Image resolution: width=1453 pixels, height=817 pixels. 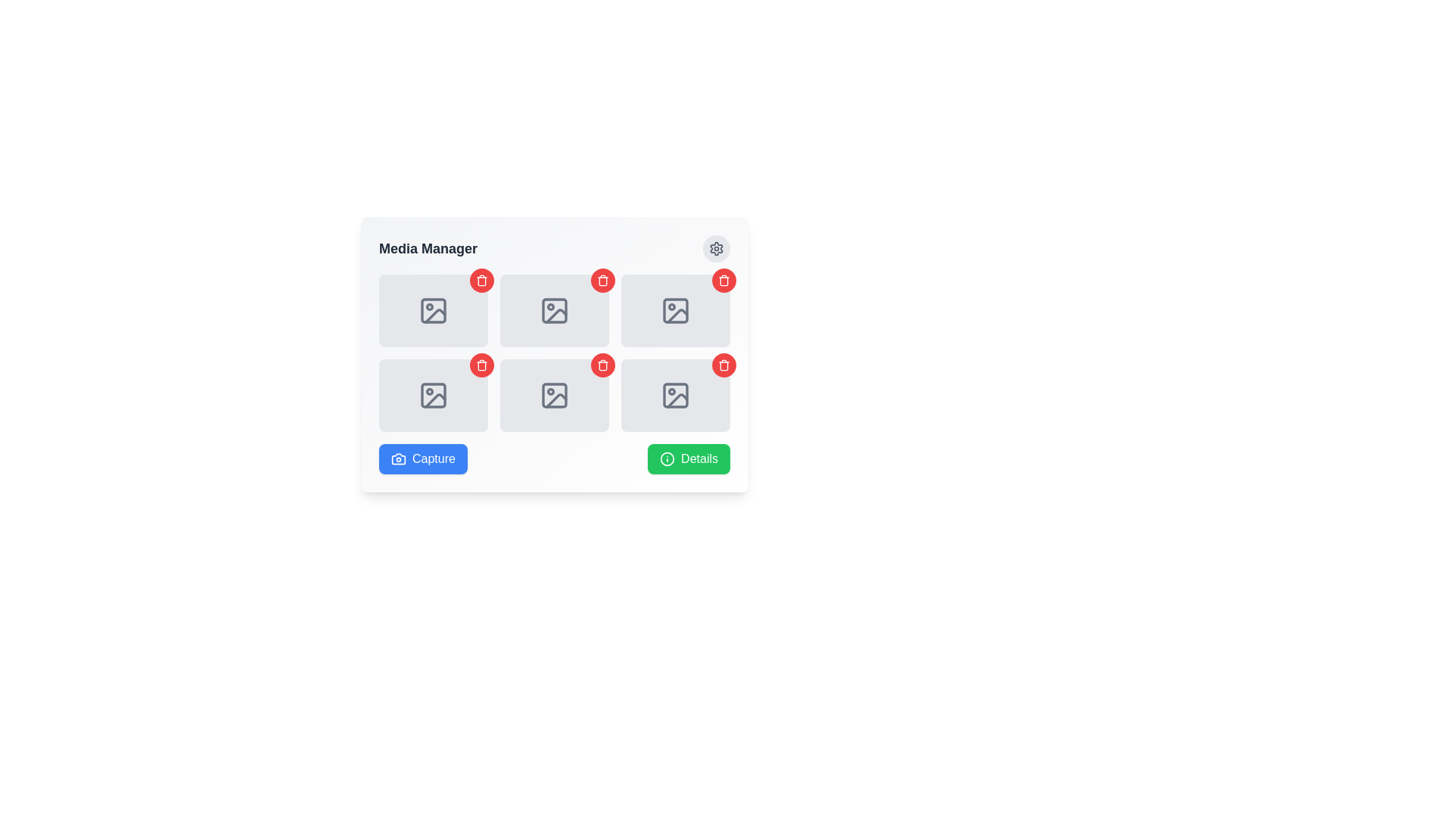 What do you see at coordinates (602, 365) in the screenshot?
I see `the circular red button with a white trash icon located in the top-right corner of the image placeholder to change its background color` at bounding box center [602, 365].